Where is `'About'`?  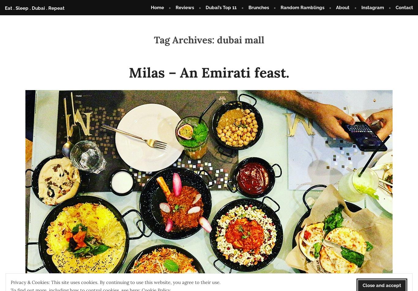 'About' is located at coordinates (335, 7).